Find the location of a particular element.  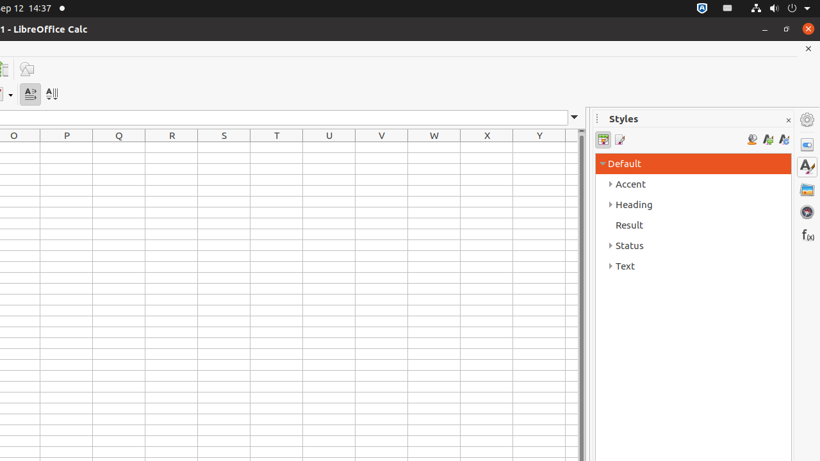

'Q1' is located at coordinates (119, 147).